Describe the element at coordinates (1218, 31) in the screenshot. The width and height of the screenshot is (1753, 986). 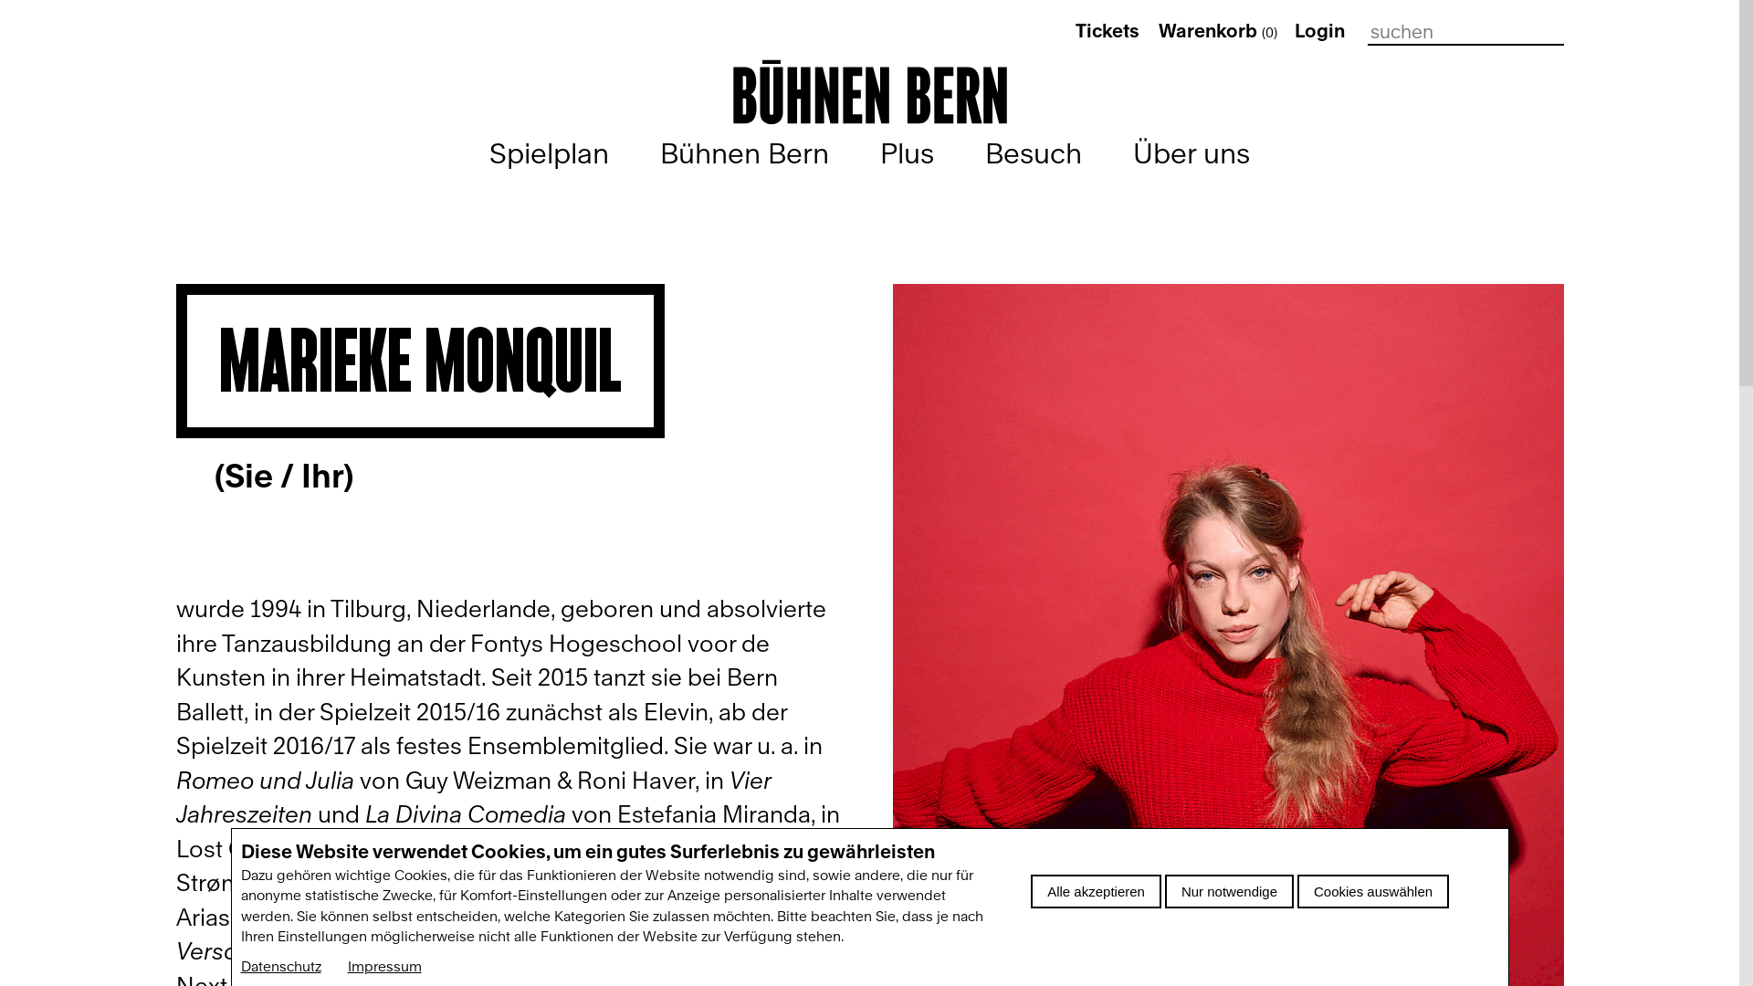
I see `'Warenkorb(0)'` at that location.